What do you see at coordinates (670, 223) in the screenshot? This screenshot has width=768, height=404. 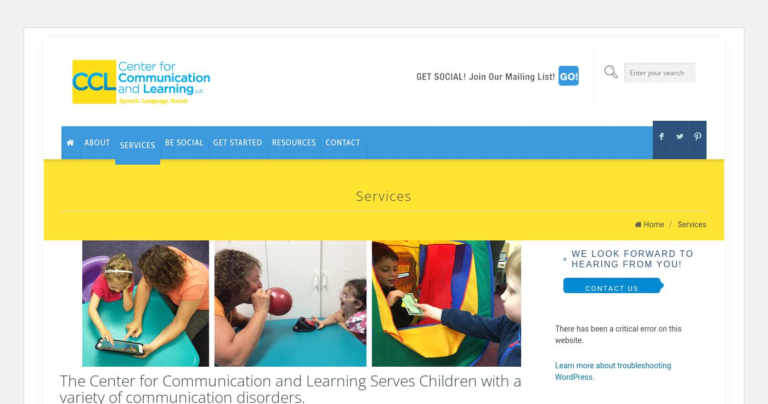 I see `'/'` at bounding box center [670, 223].